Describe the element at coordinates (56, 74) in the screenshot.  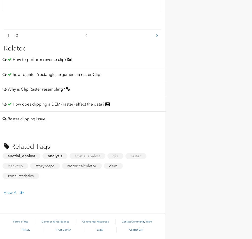
I see `'how to enter 'rectangle' argument in raster Clip'` at that location.